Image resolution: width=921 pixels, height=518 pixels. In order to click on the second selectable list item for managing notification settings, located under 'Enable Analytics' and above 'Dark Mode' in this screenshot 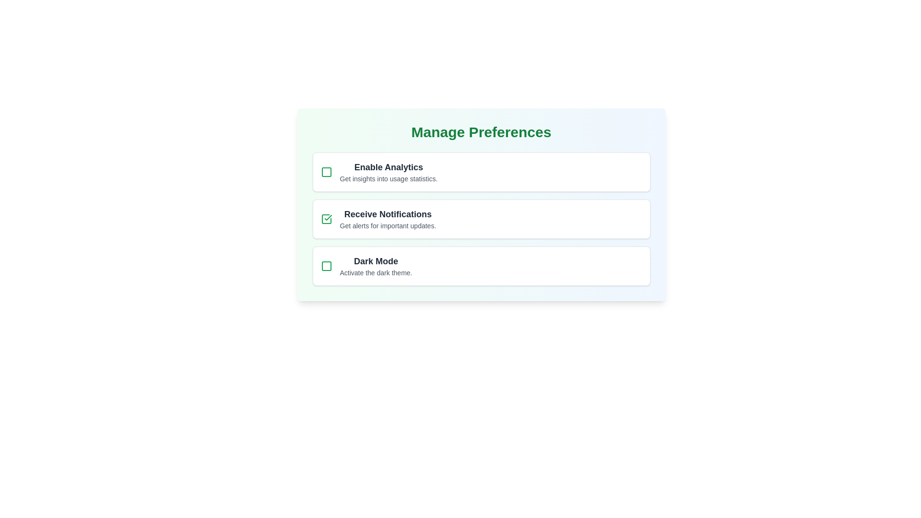, I will do `click(481, 219)`.